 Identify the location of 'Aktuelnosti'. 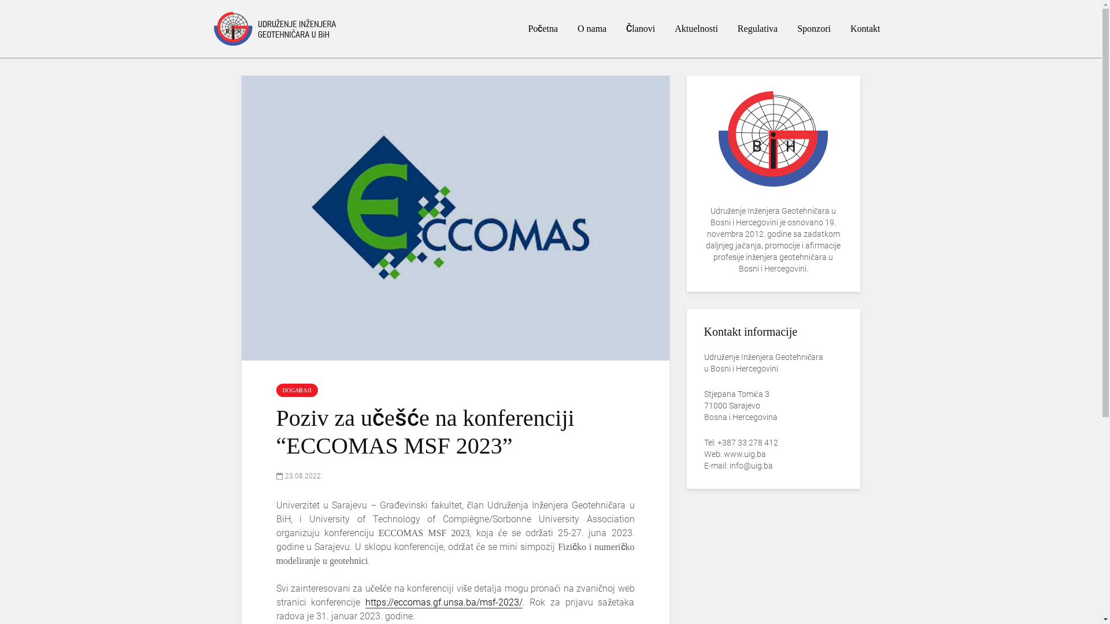
(695, 28).